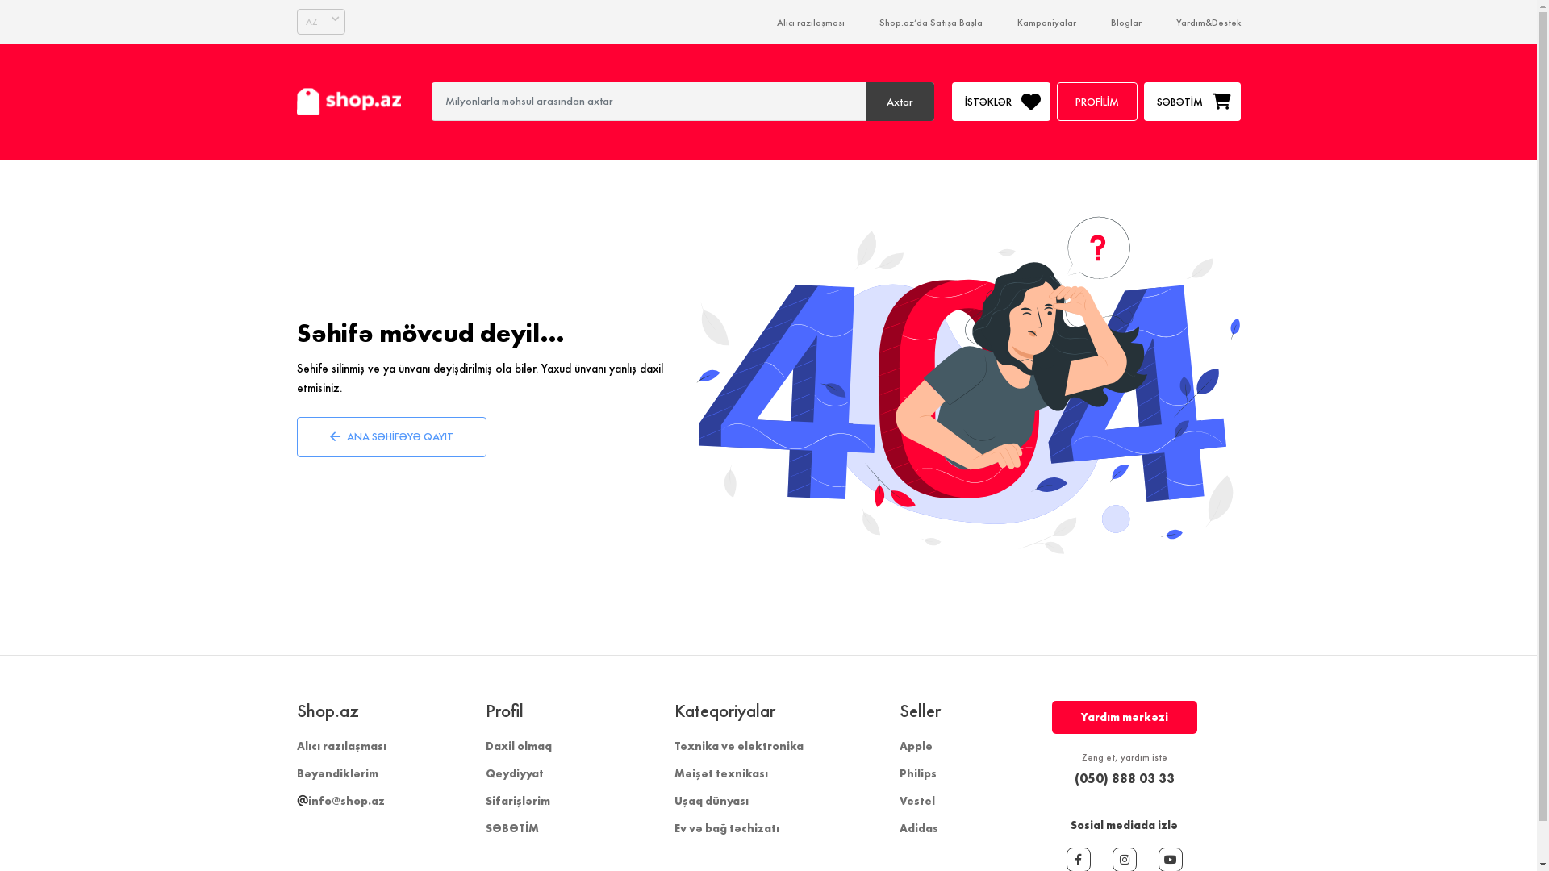  I want to click on 'Qeydiyyat', so click(514, 773).